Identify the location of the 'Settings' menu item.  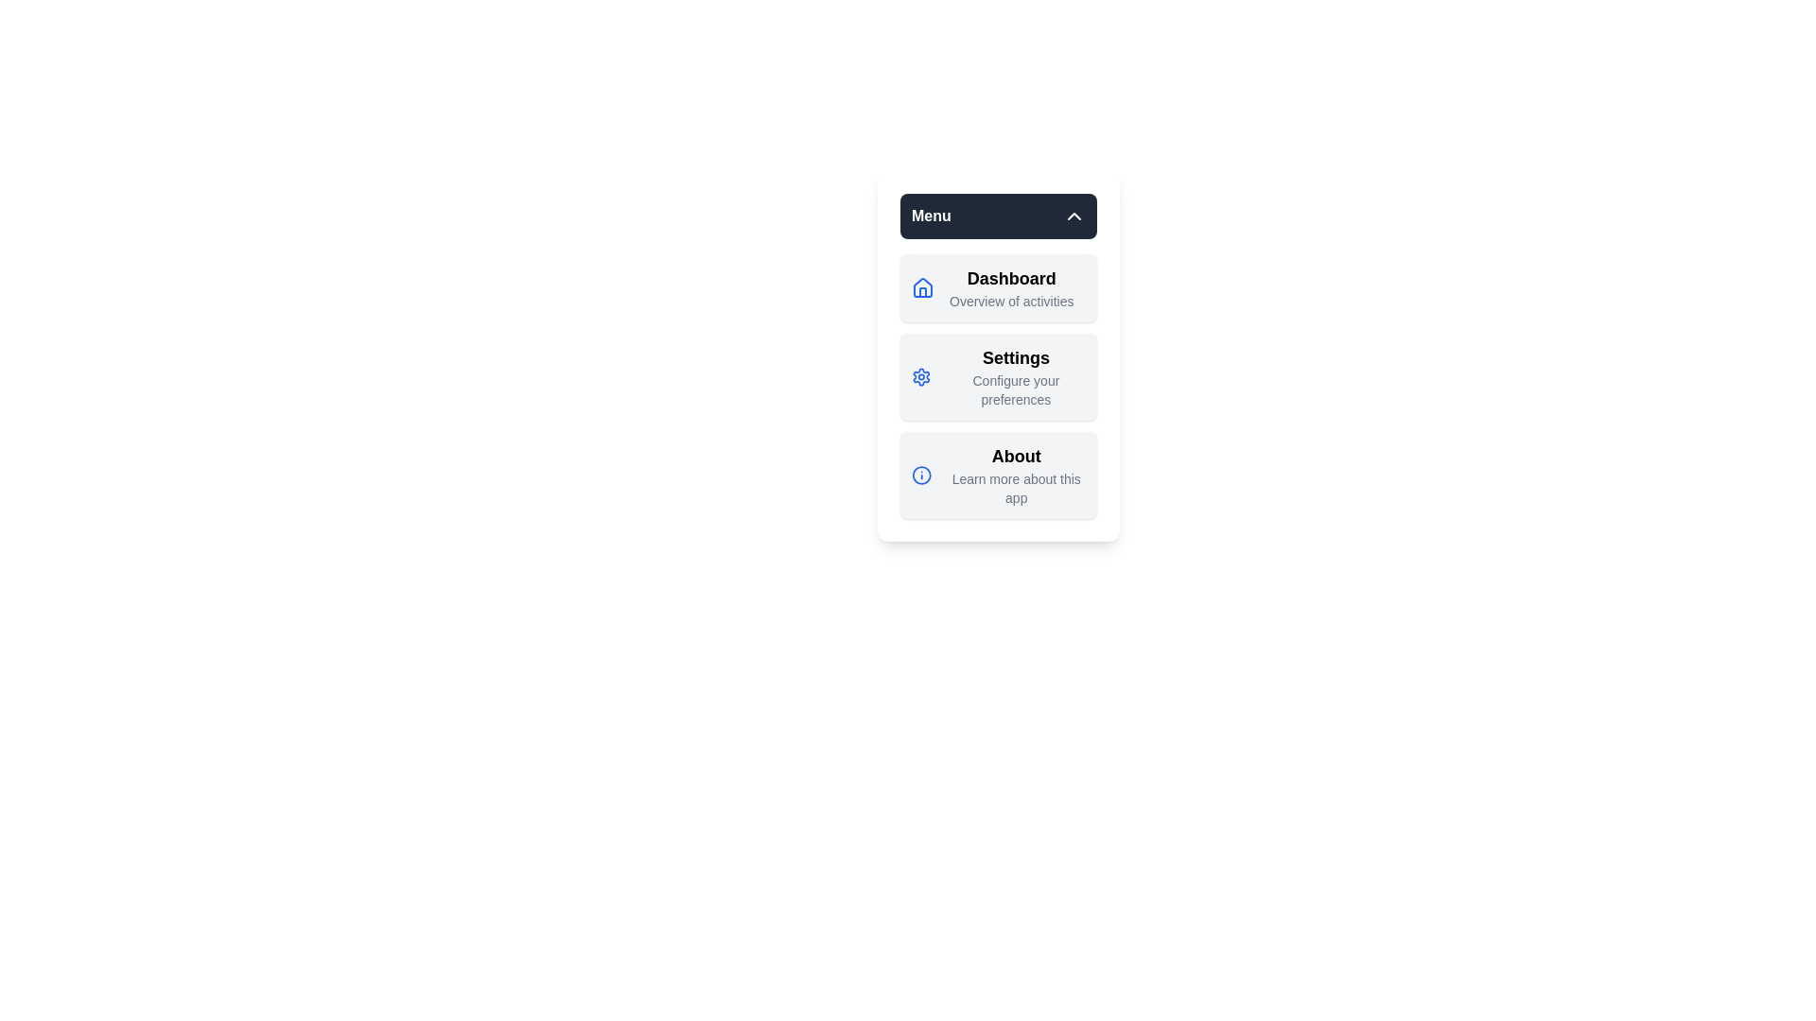
(998, 376).